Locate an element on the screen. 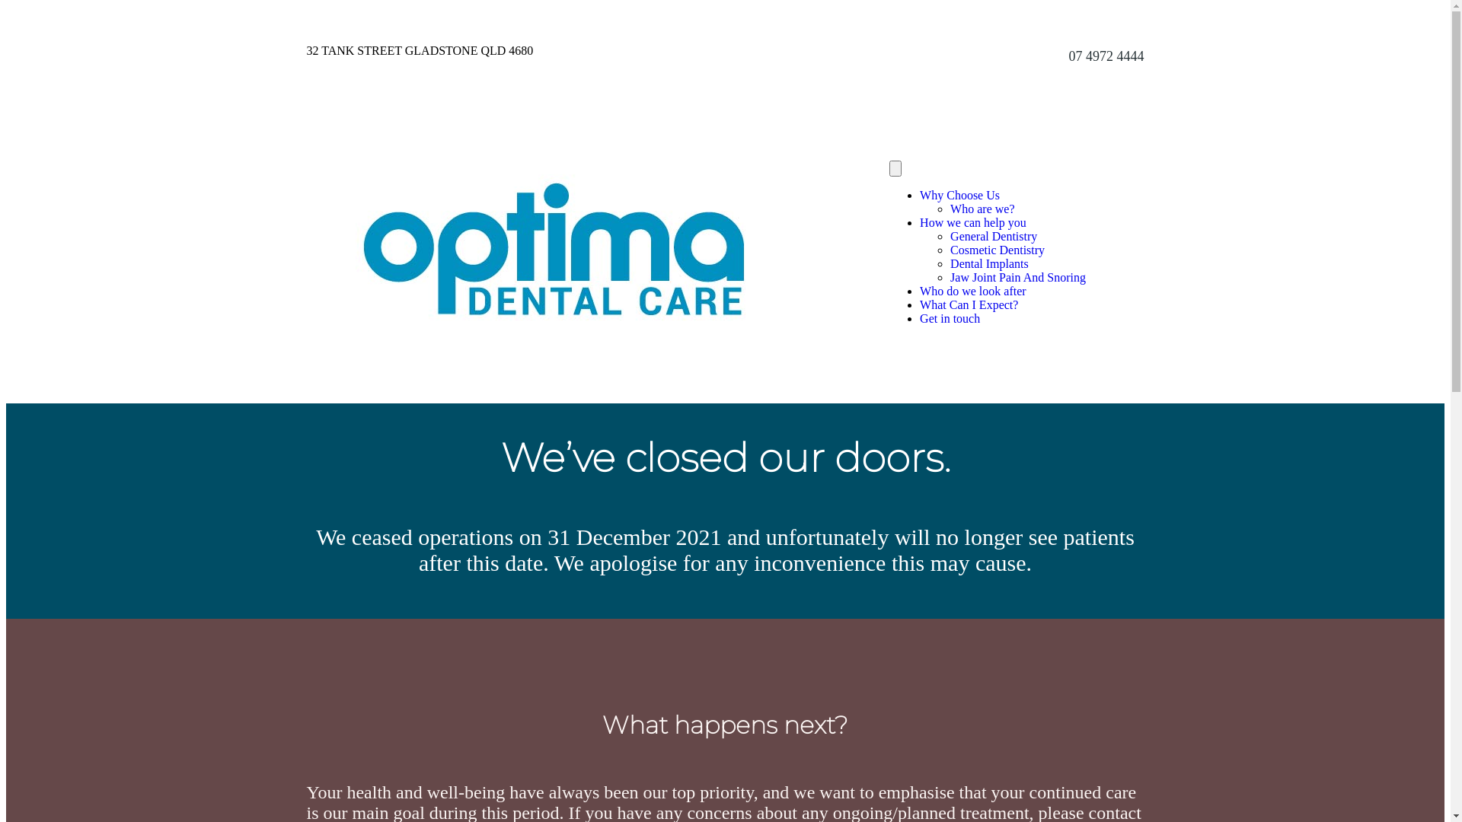  '07 4972 4444' is located at coordinates (1106, 55).